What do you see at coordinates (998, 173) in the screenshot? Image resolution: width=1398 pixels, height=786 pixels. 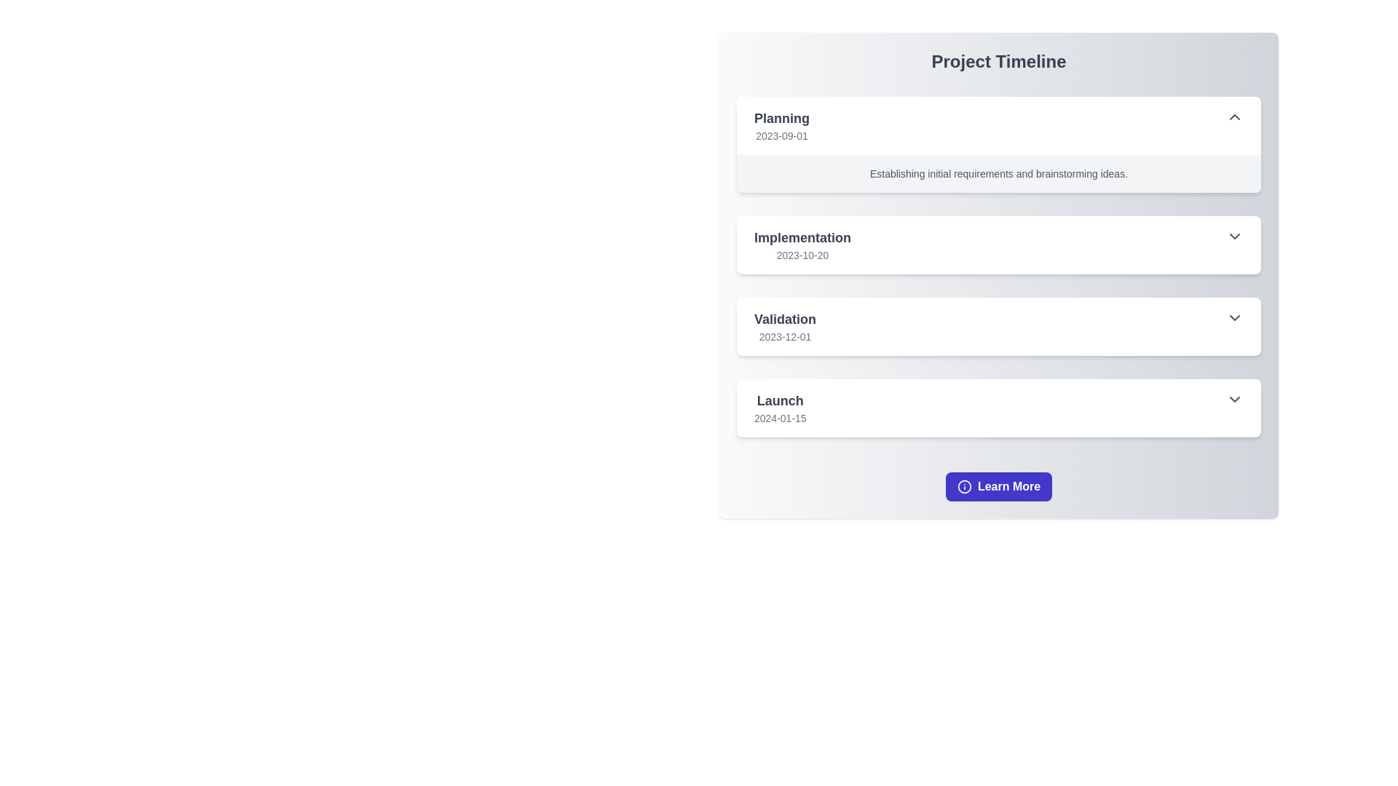 I see `the non-interactive text block that provides supporting information for the 'Planning' phase, located at the bottom of the card with the title 'Planning' and date '2023-09-01'` at bounding box center [998, 173].